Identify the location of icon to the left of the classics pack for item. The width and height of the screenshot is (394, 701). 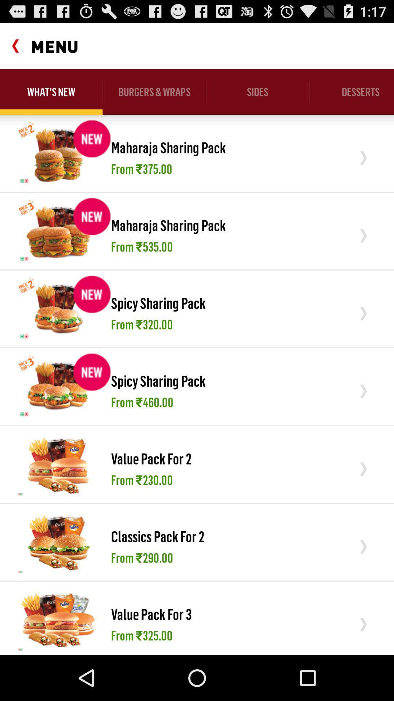
(58, 542).